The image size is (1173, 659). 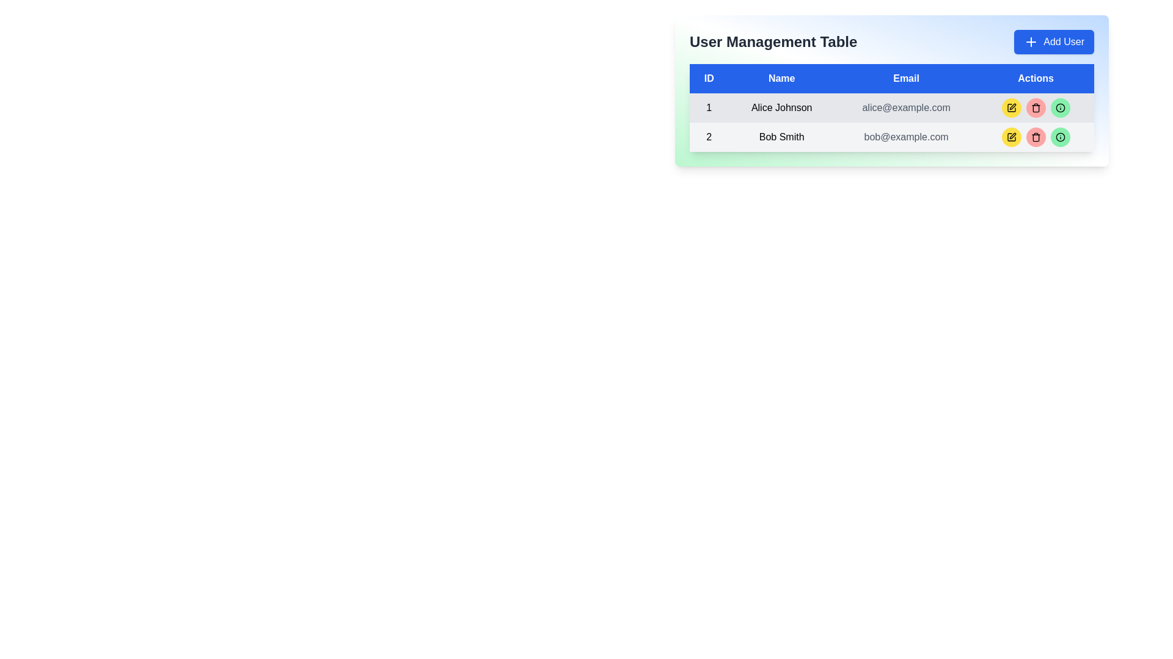 I want to click on the Table Column Header labeled 'Name', which is the second column header in the table's header row, positioned between the 'ID' and 'Email' column headers, so click(x=781, y=78).